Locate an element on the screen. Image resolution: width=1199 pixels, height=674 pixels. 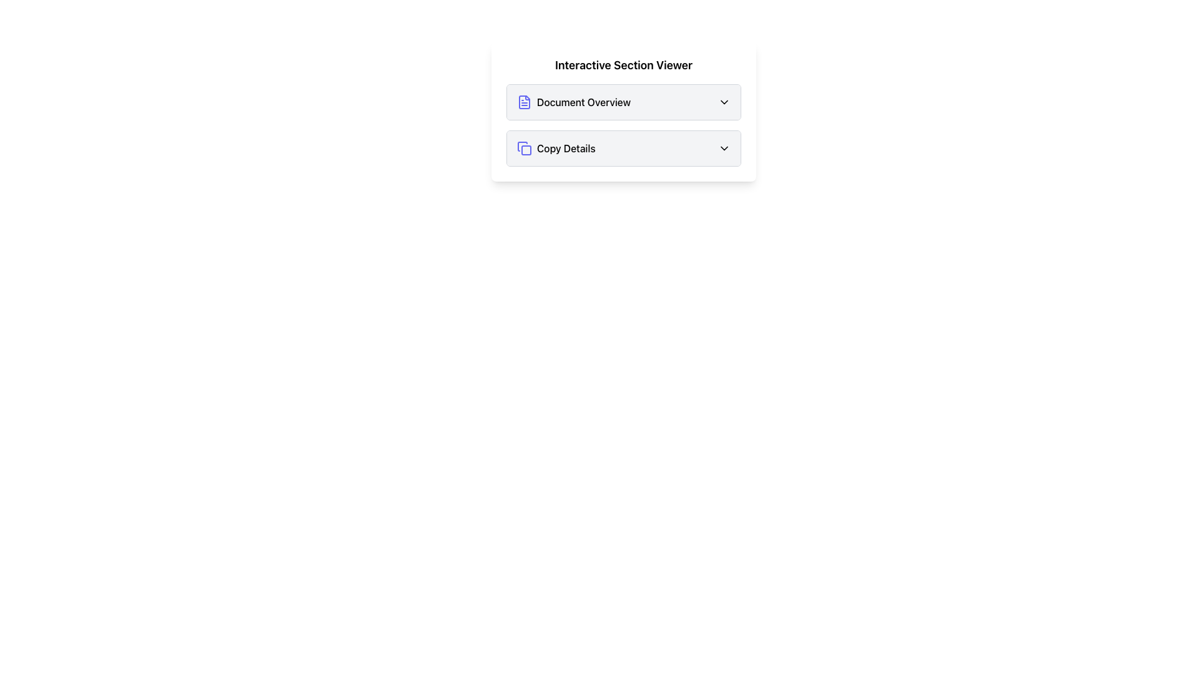
the blue file document icon that is part of the 'Document Overview' button, located at the top left of the interactive section viewer is located at coordinates (525, 102).